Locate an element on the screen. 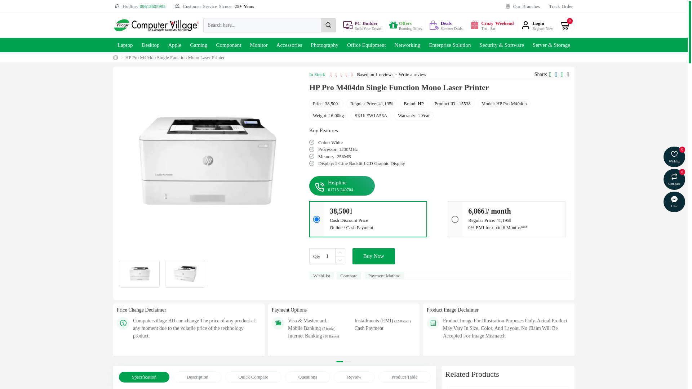  'Our Branches' is located at coordinates (523, 6).